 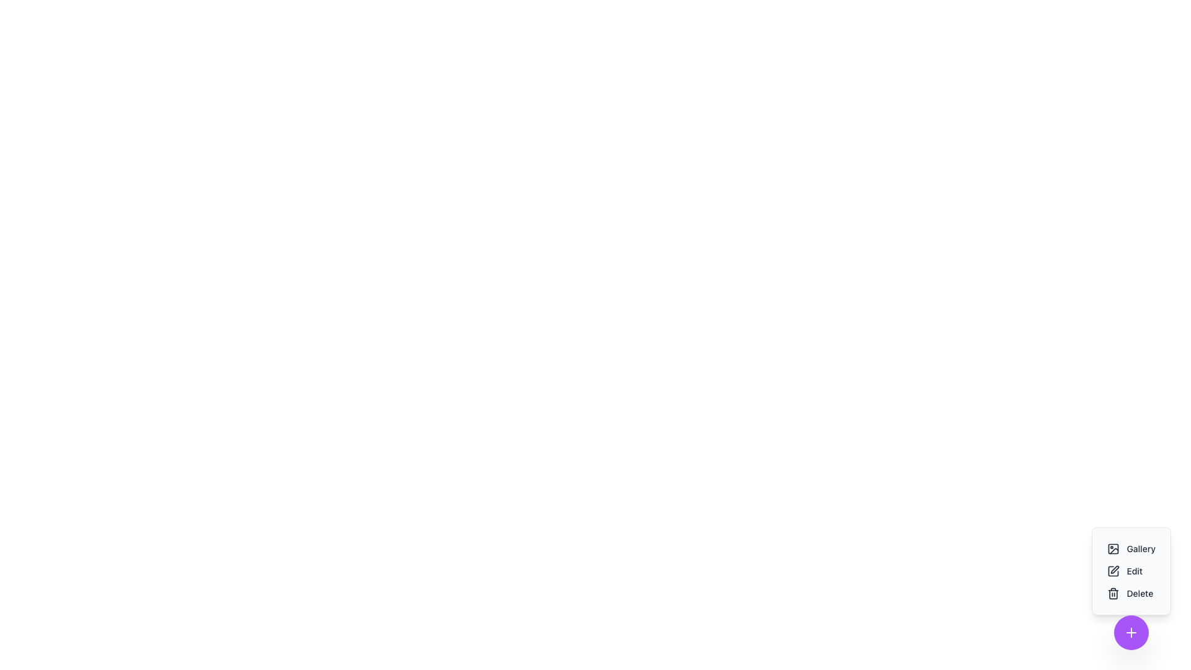 I want to click on the pencil icon located to the left of the 'Edit' label in the dark-themed UI, so click(x=1113, y=571).